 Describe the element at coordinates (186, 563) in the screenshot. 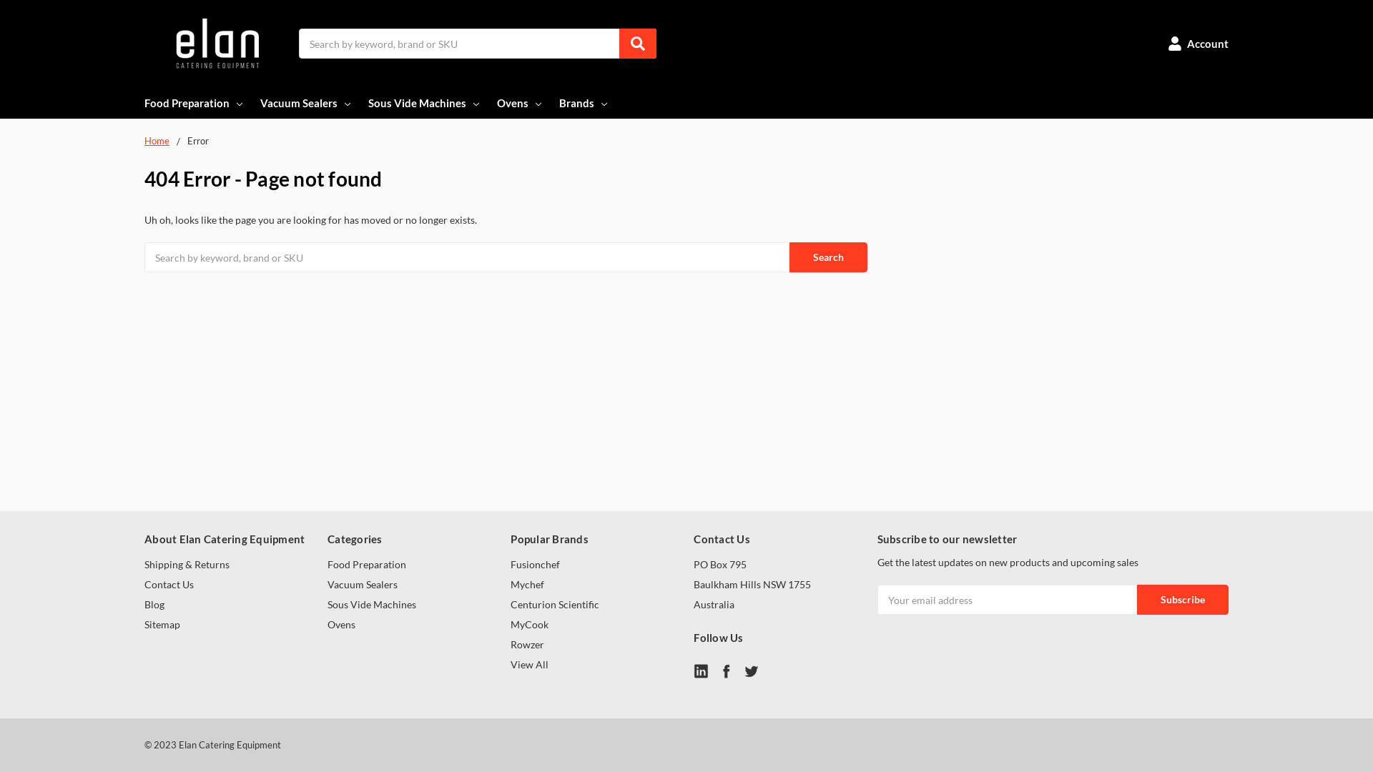

I see `'Shipping & Returns'` at that location.